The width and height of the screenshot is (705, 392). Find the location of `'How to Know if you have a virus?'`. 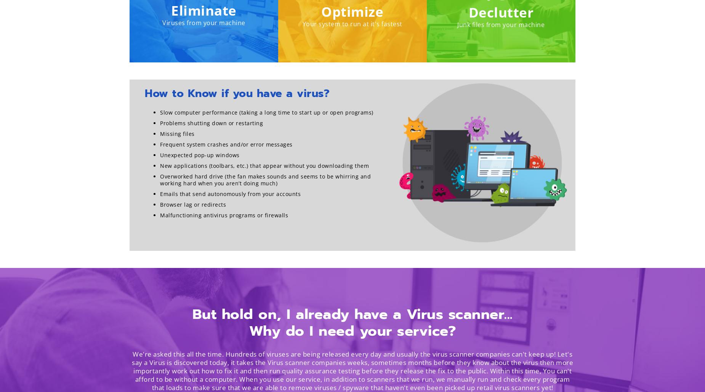

'How to Know if you have a virus?' is located at coordinates (144, 93).